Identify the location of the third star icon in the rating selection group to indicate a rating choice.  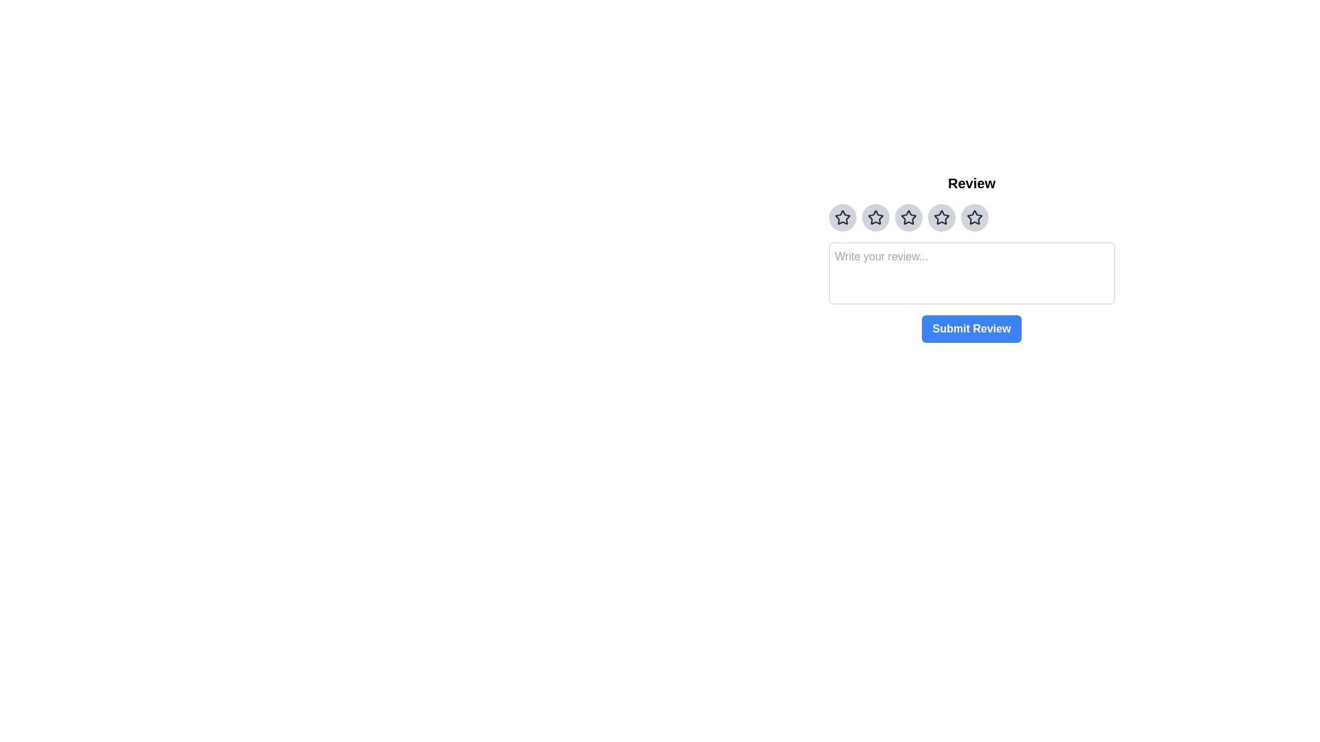
(874, 216).